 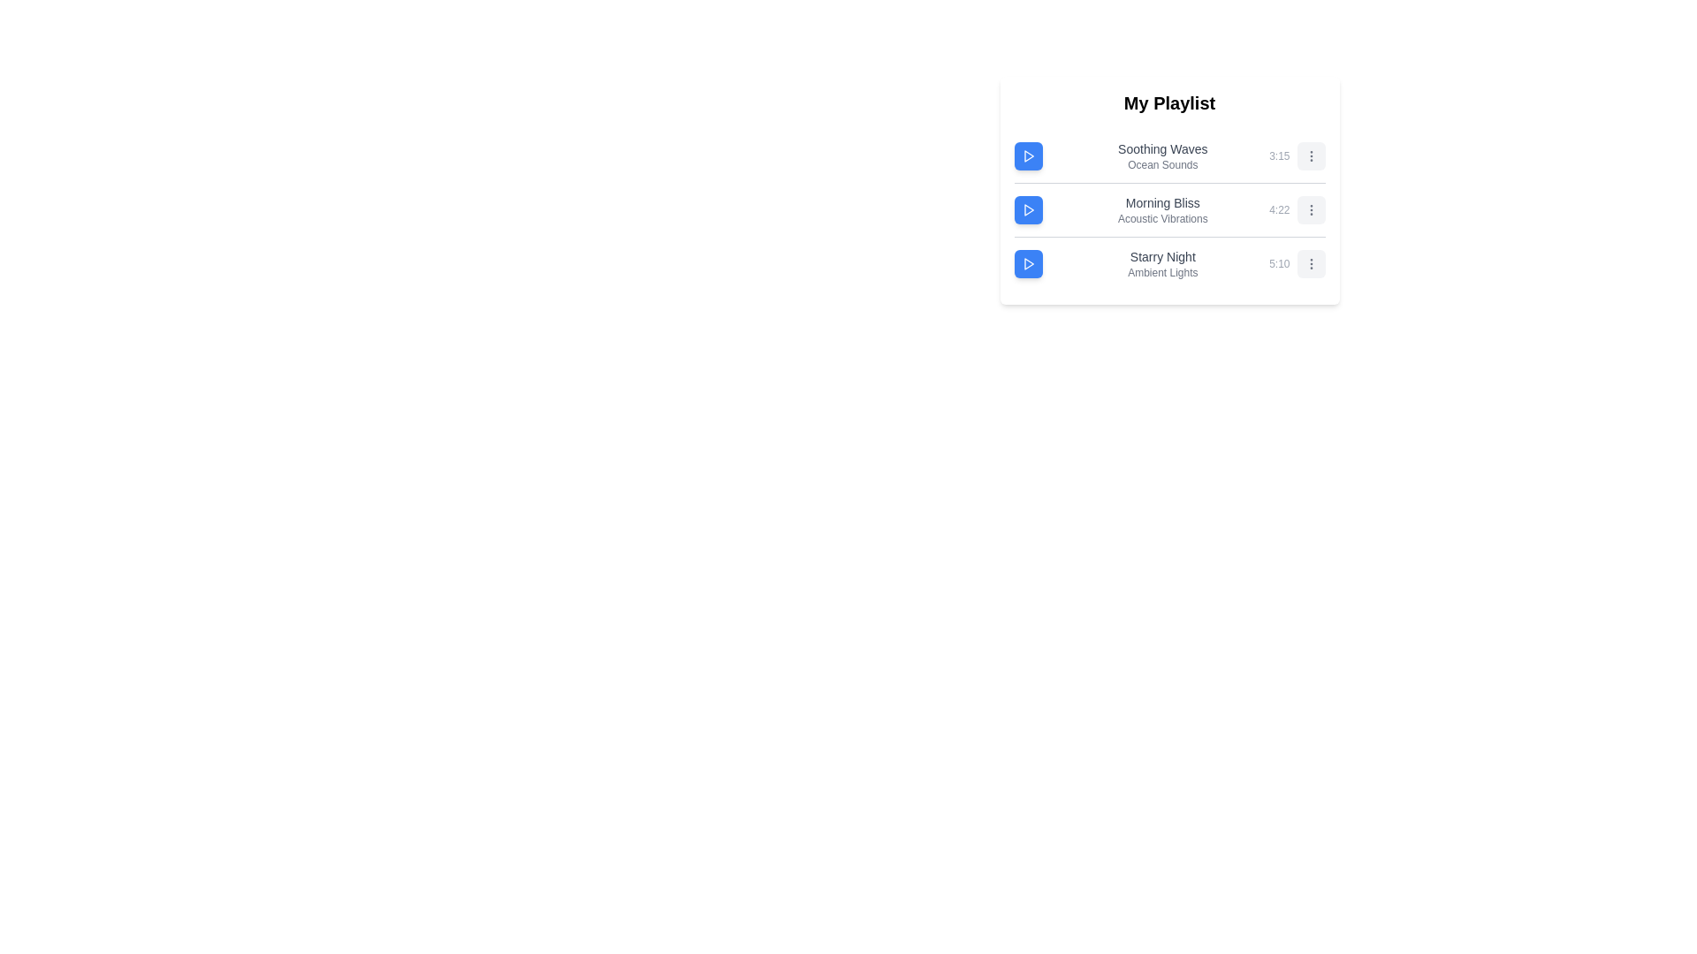 What do you see at coordinates (1028, 264) in the screenshot?
I see `the play button for the track 'Starry Night'` at bounding box center [1028, 264].